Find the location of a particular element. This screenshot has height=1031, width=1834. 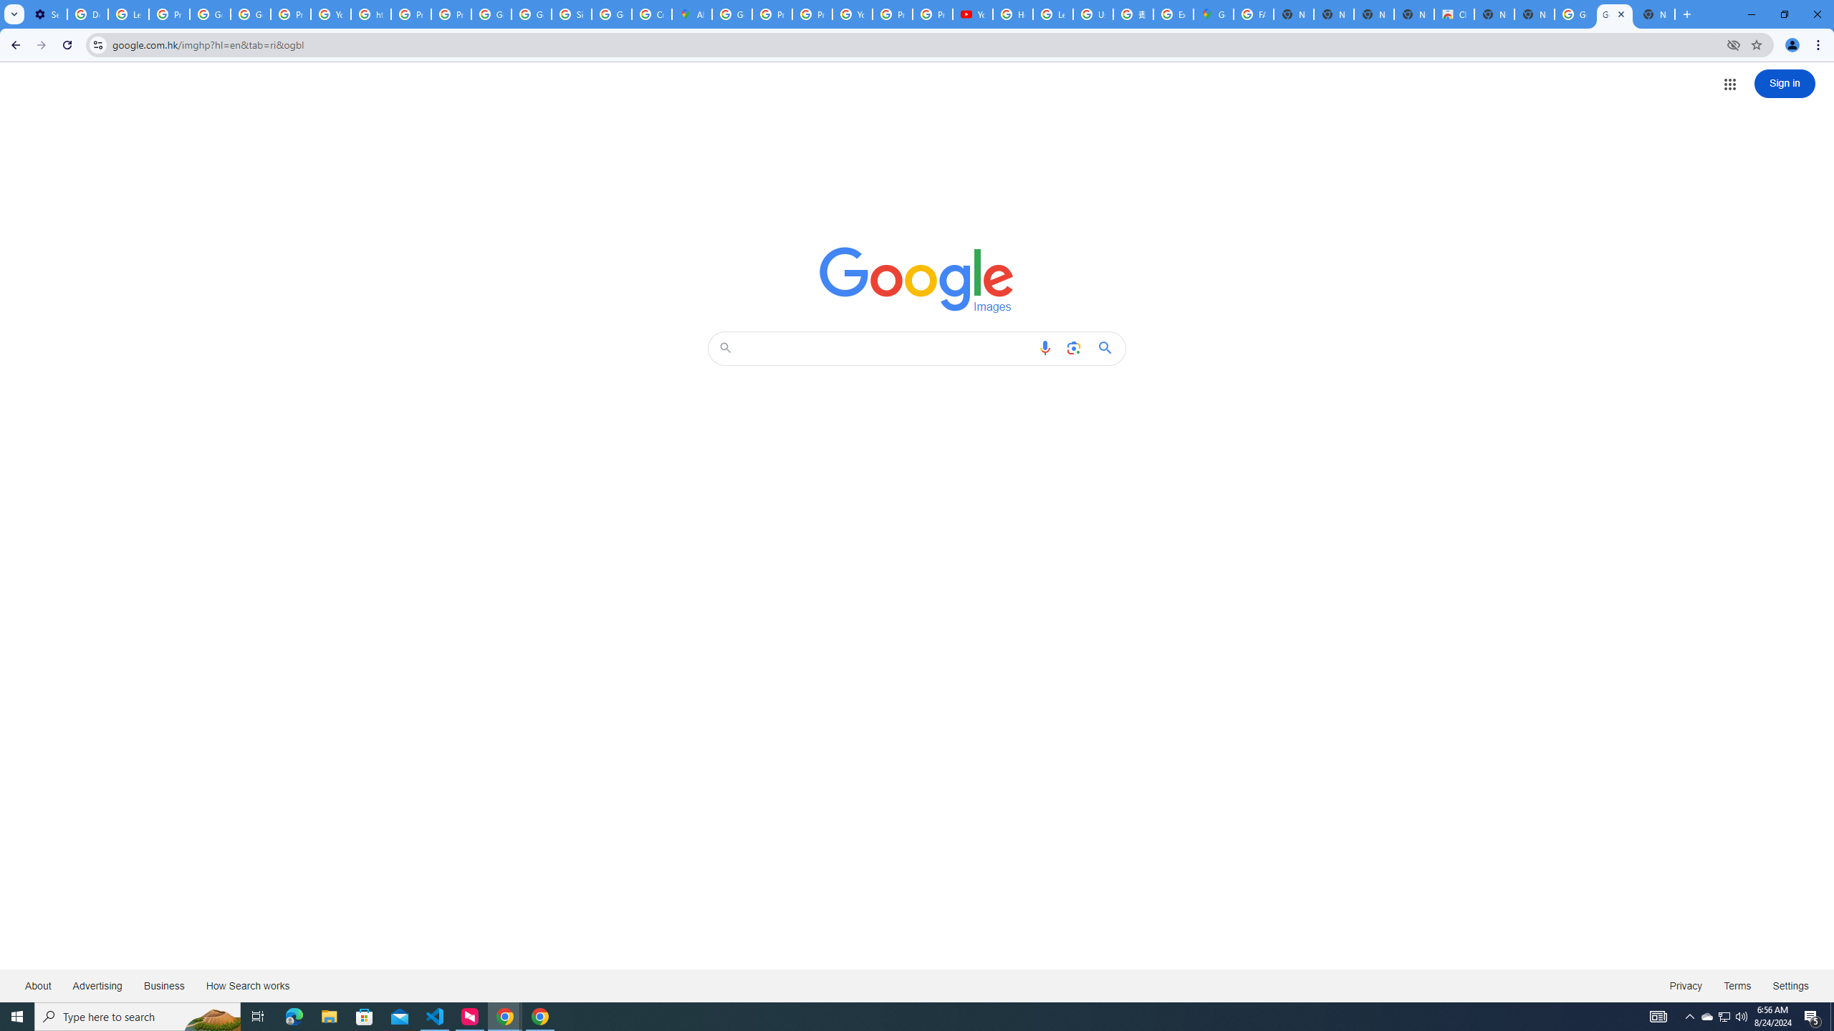

'How Chrome protects your passwords - Google Chrome Help' is located at coordinates (1013, 14).